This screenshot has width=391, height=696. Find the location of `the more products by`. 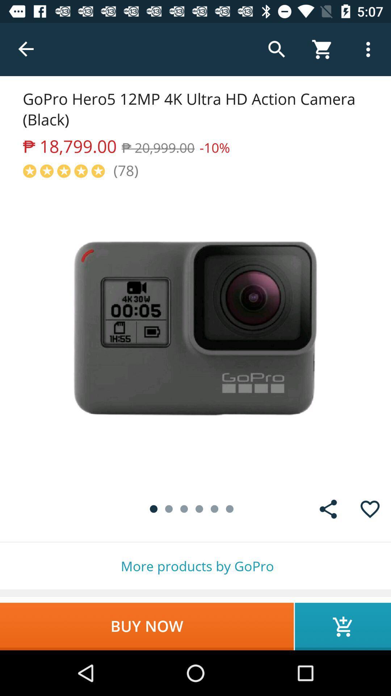

the more products by is located at coordinates (195, 565).